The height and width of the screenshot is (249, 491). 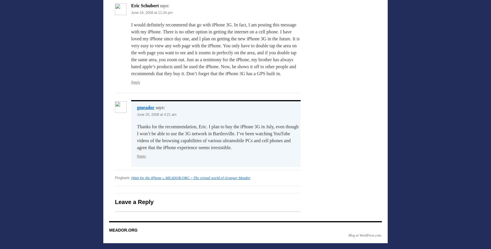 What do you see at coordinates (137, 137) in the screenshot?
I see `'Thanks for the recommendation, Eric.  I plan to buy the iPhone 3G in July, even though I won’t be able to use the 3G network in Bartlesville.  I’ve been watching YouTube videos of the browsing capabilities of various ultramobile PCs and cell phones and agree that the iPhone experience seems irresistible.'` at bounding box center [137, 137].